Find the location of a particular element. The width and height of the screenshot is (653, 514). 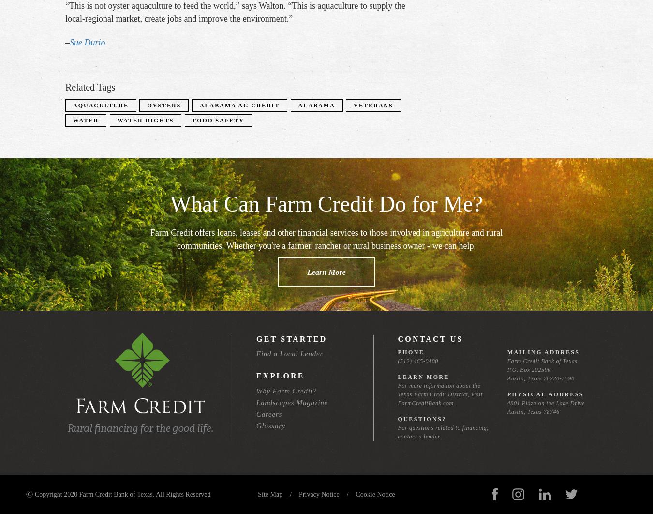

'For questions related to financing,' is located at coordinates (442, 427).